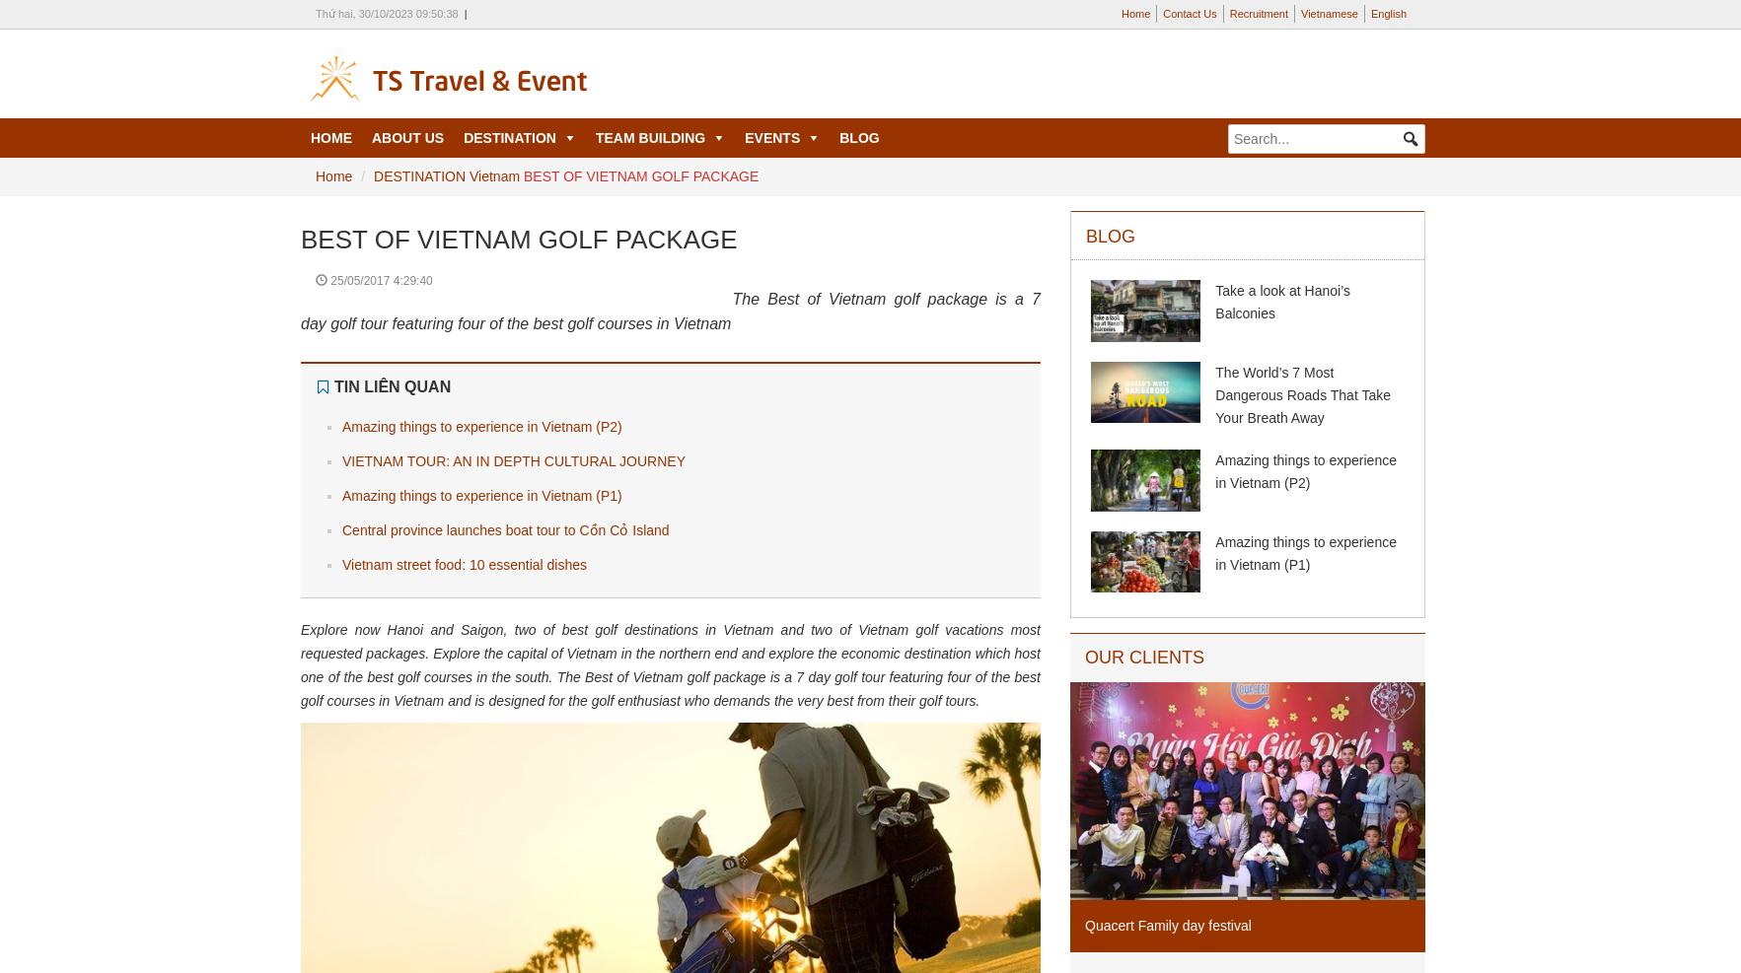 Image resolution: width=1741 pixels, height=973 pixels. I want to click on 'Amazing things to experience in Vietnam (P2)', so click(480, 425).